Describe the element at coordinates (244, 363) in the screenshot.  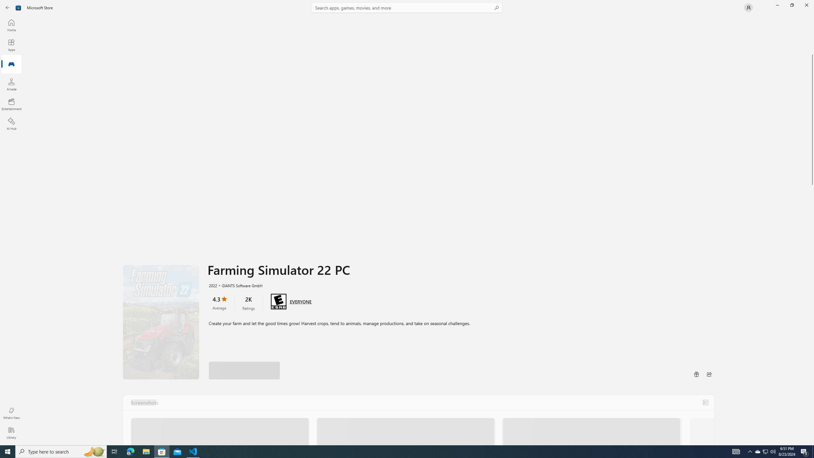
I see `'Play with Game Pass'` at that location.